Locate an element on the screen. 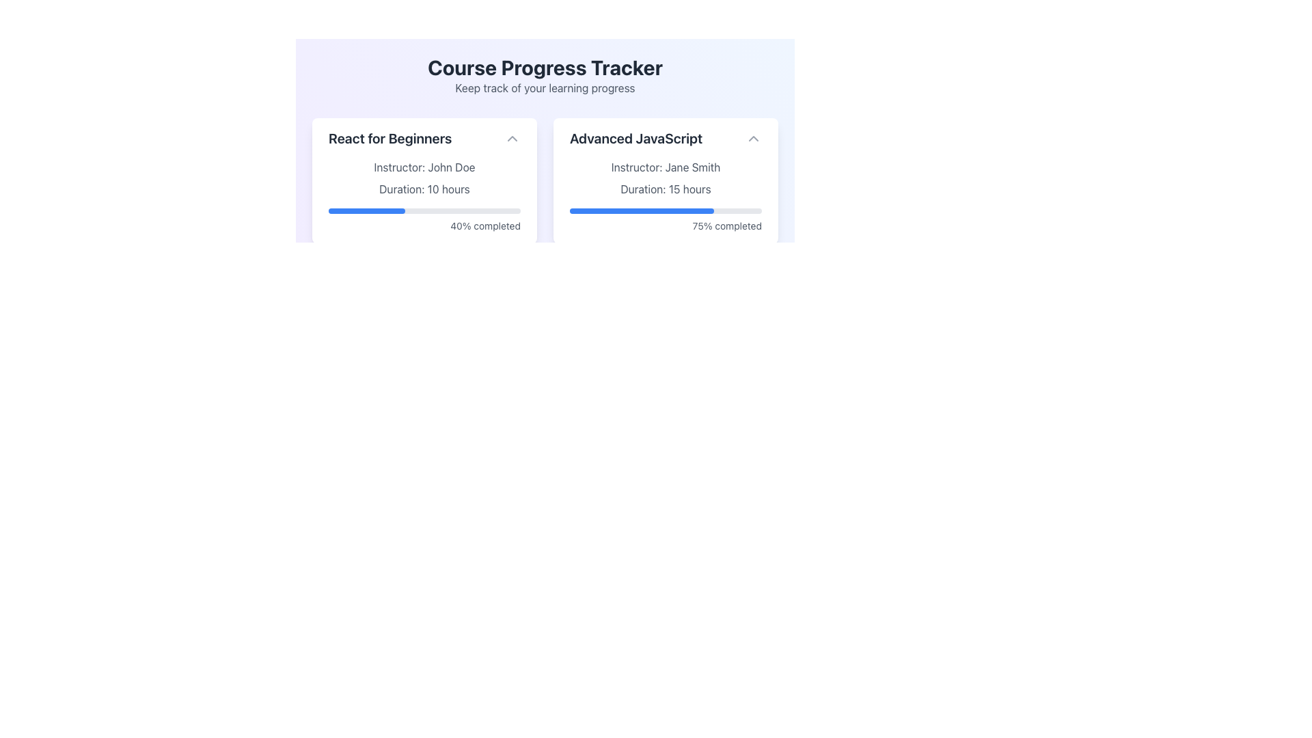 The height and width of the screenshot is (738, 1312). the progress bar indicating 75% completion for the course 'Advanced JavaScript', located below the 'Duration: 15 hours' text is located at coordinates (666, 210).